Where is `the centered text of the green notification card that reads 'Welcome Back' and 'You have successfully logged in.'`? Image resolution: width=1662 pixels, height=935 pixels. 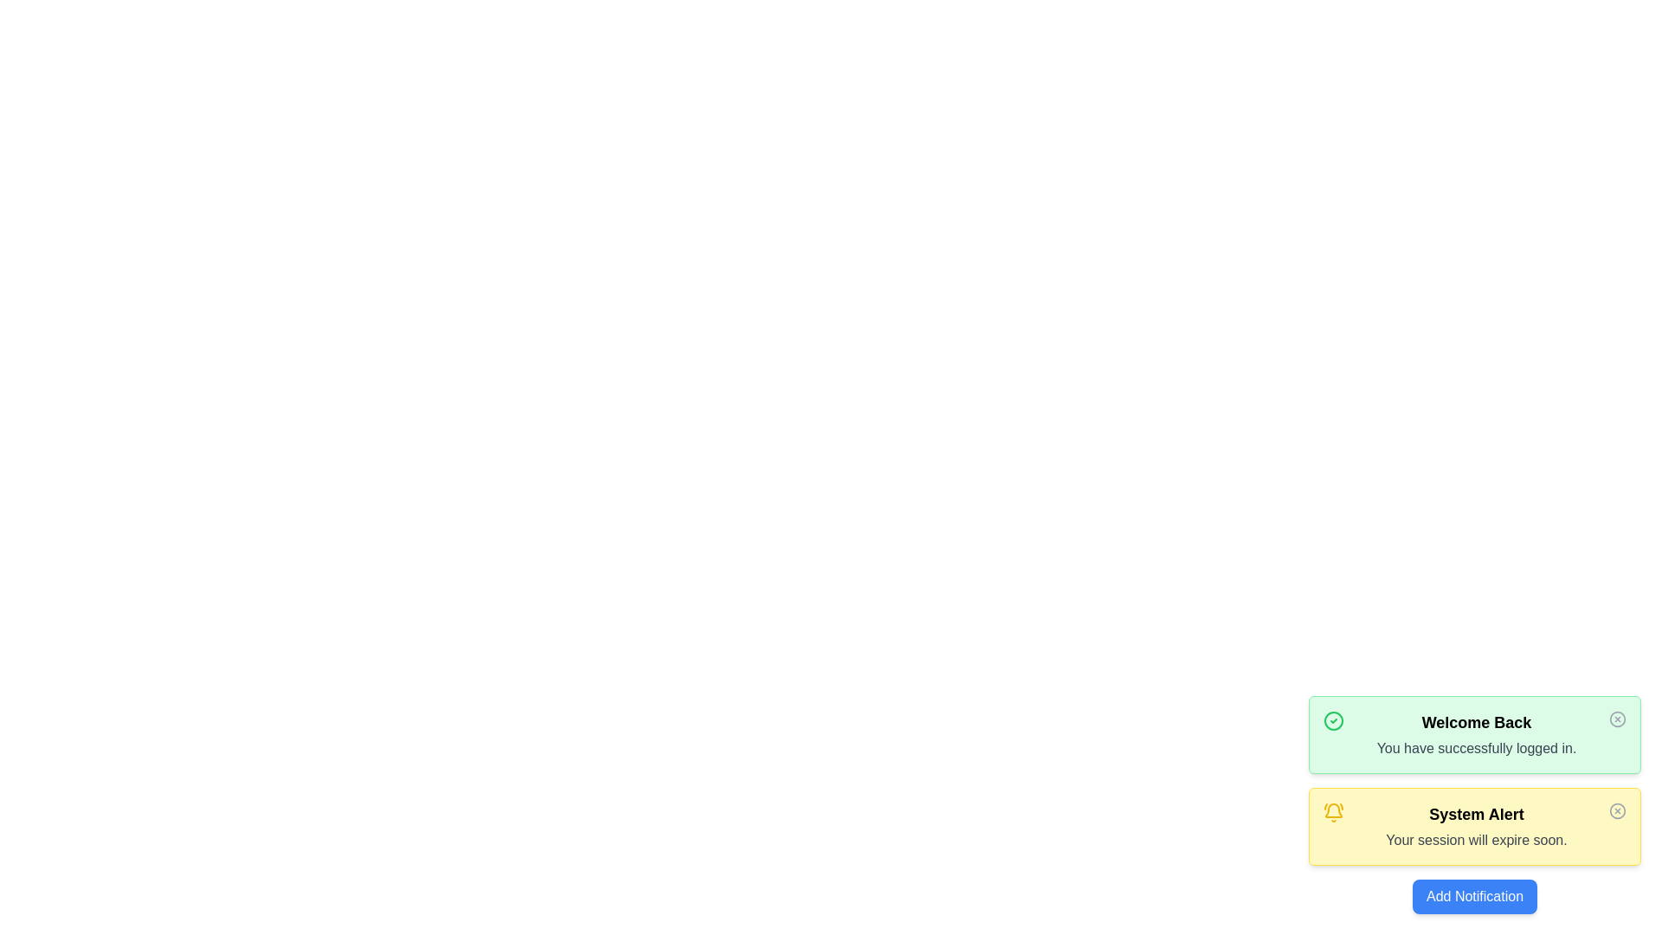 the centered text of the green notification card that reads 'Welcome Back' and 'You have successfully logged in.' is located at coordinates (1475, 734).